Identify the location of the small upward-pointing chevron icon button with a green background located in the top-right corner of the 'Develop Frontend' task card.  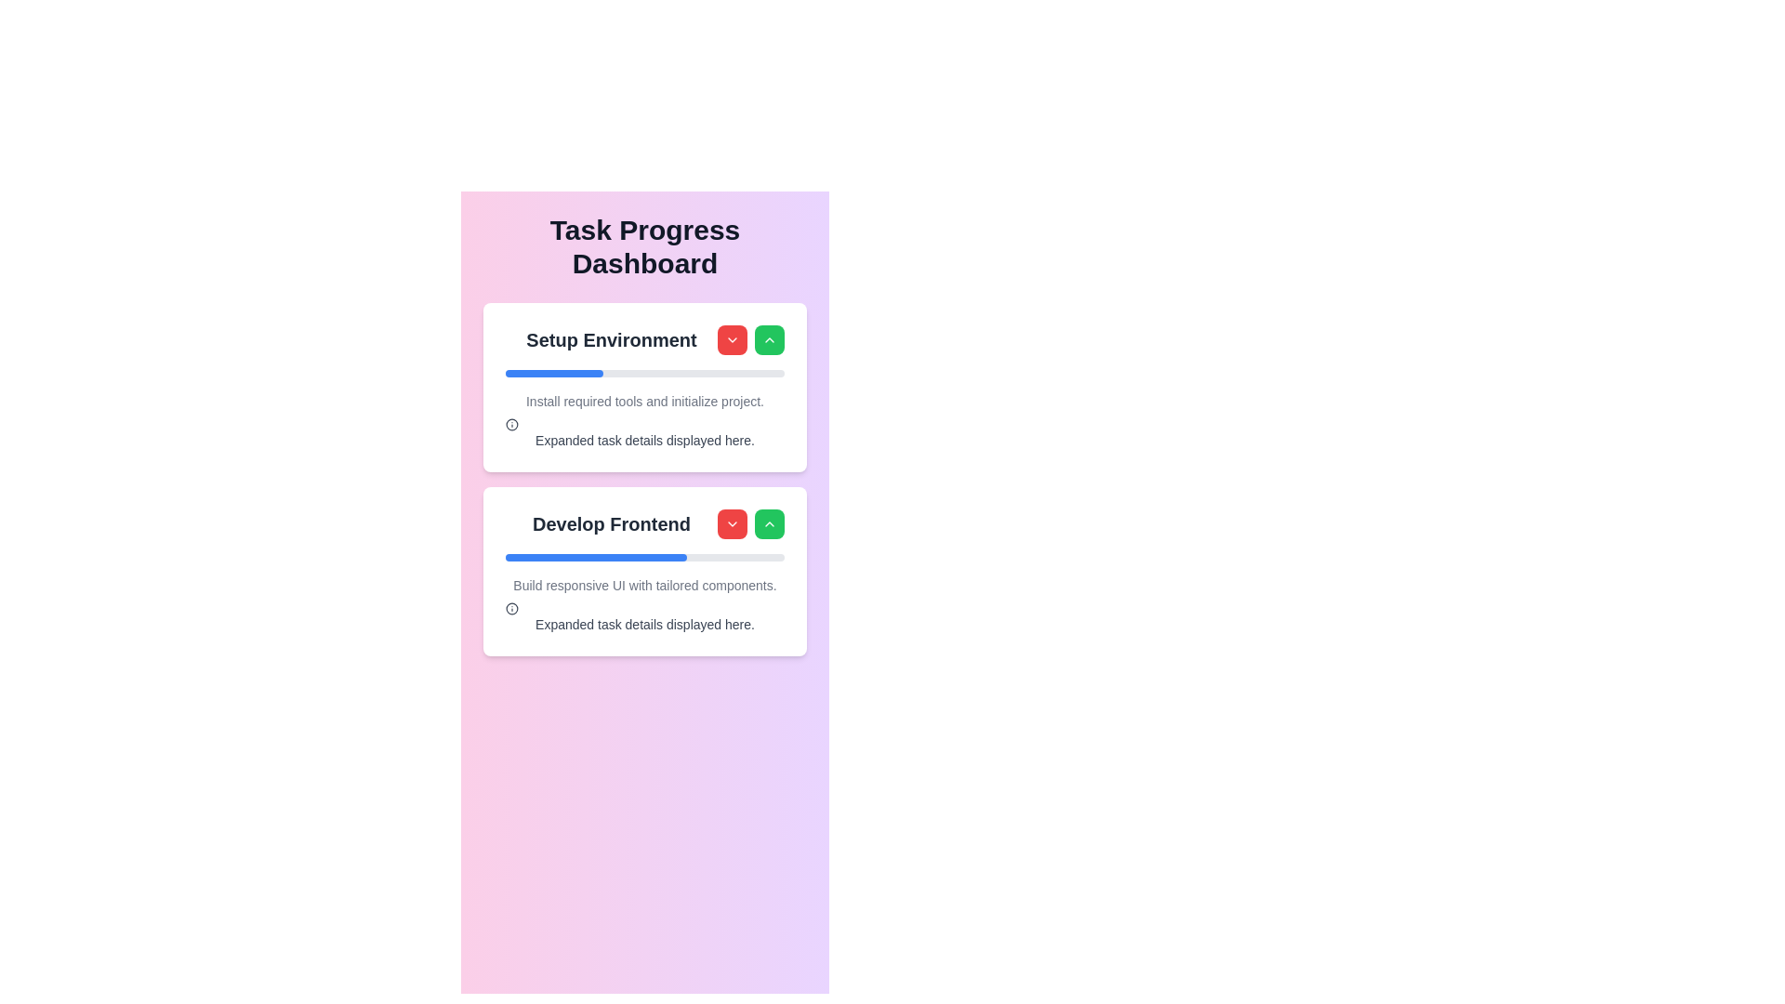
(770, 340).